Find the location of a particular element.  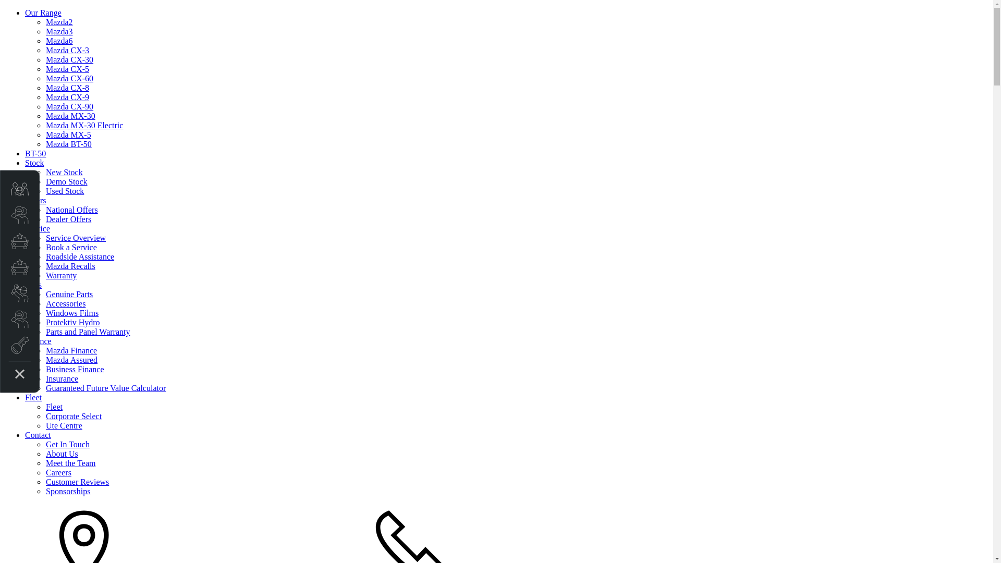

'Mazda2' is located at coordinates (59, 22).